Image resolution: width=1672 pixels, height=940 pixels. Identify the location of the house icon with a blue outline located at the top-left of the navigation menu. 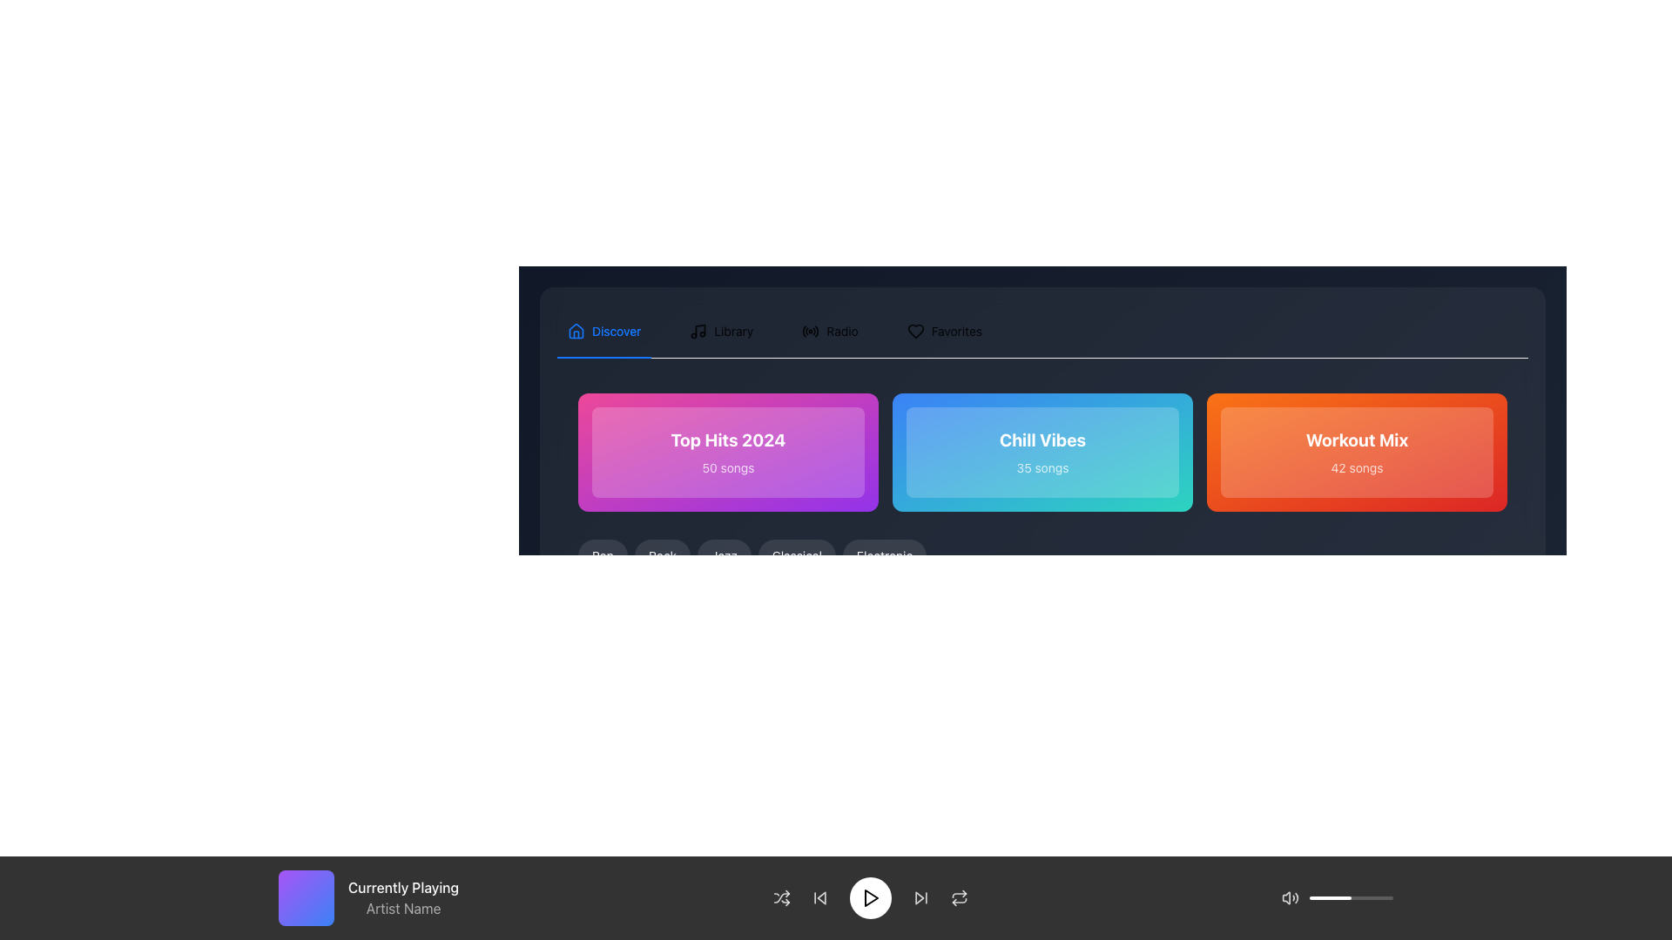
(576, 332).